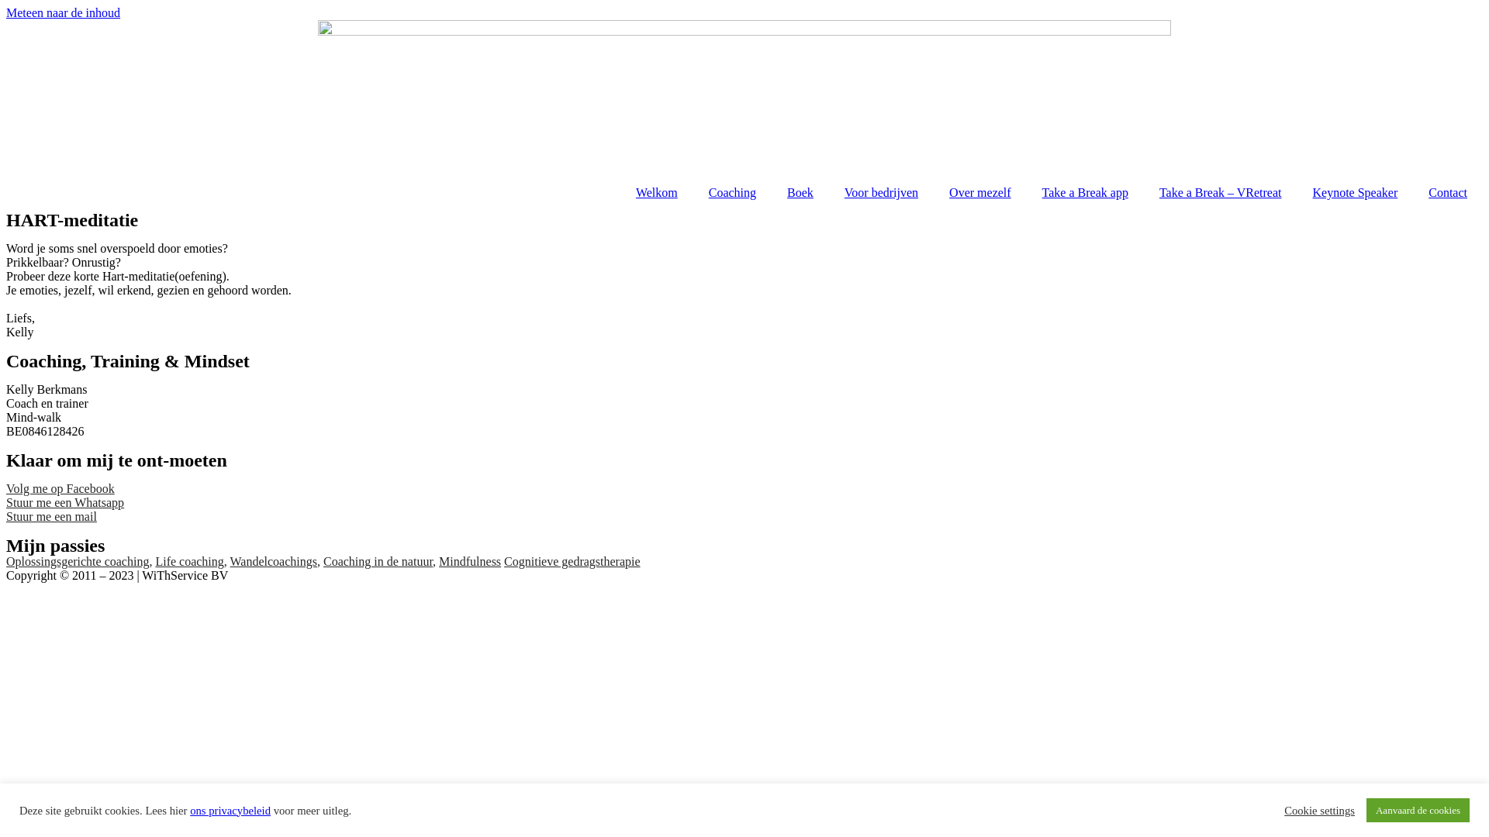 The height and width of the screenshot is (837, 1489). I want to click on 'Aanvaard de cookies', so click(1418, 809).